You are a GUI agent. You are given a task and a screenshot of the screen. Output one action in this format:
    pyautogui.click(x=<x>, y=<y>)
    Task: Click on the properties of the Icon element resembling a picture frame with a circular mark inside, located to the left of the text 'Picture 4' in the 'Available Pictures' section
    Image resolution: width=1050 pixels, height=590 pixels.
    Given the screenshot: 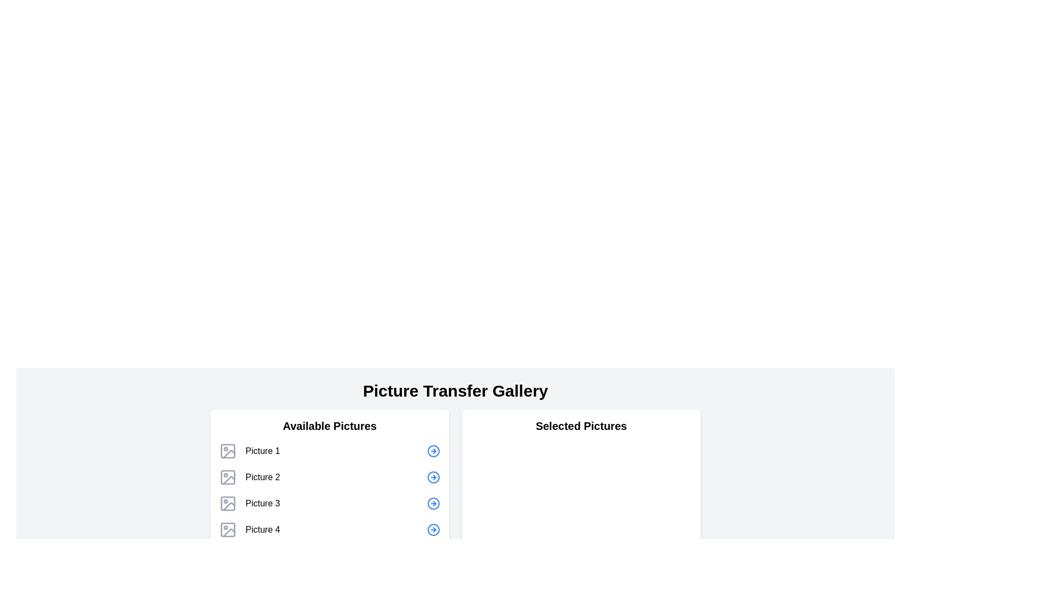 What is the action you would take?
    pyautogui.click(x=227, y=529)
    